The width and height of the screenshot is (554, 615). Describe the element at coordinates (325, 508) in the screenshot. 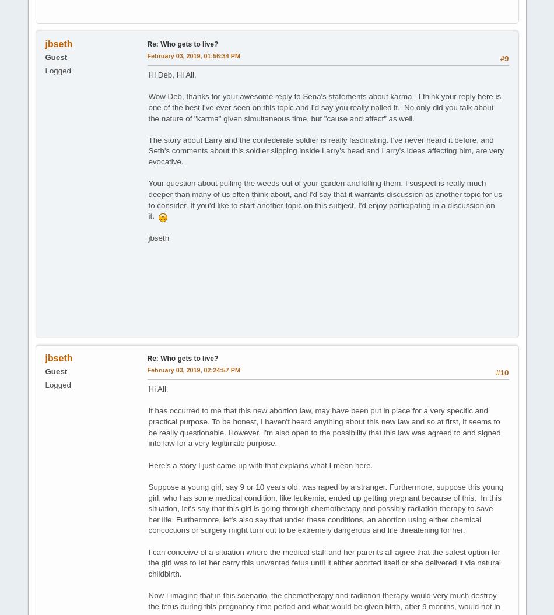

I see `'Suppose a young girl, say 9 or 10 years old, was raped by a stranger. Furthermore, suppose this young girl, who has some medical condition, like leukemia, ended up getting pregnant because of this.  In this situation, let's say that this girl is going through chemotherapy and possibly radiation therapy to save her life. Furthermore, let's also say that under these conditions, an abortion using either chemical concoctions or surgery might turn out to be extremely dangerous and life threatening for her.'` at that location.